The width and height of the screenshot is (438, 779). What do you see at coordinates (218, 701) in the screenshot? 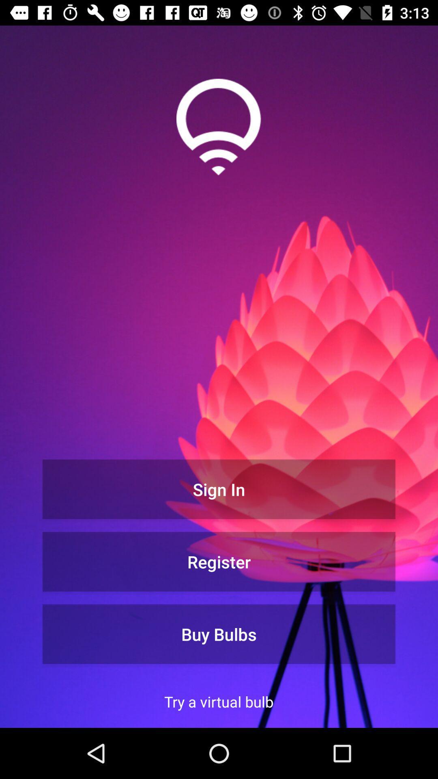
I see `try a virtual item` at bounding box center [218, 701].